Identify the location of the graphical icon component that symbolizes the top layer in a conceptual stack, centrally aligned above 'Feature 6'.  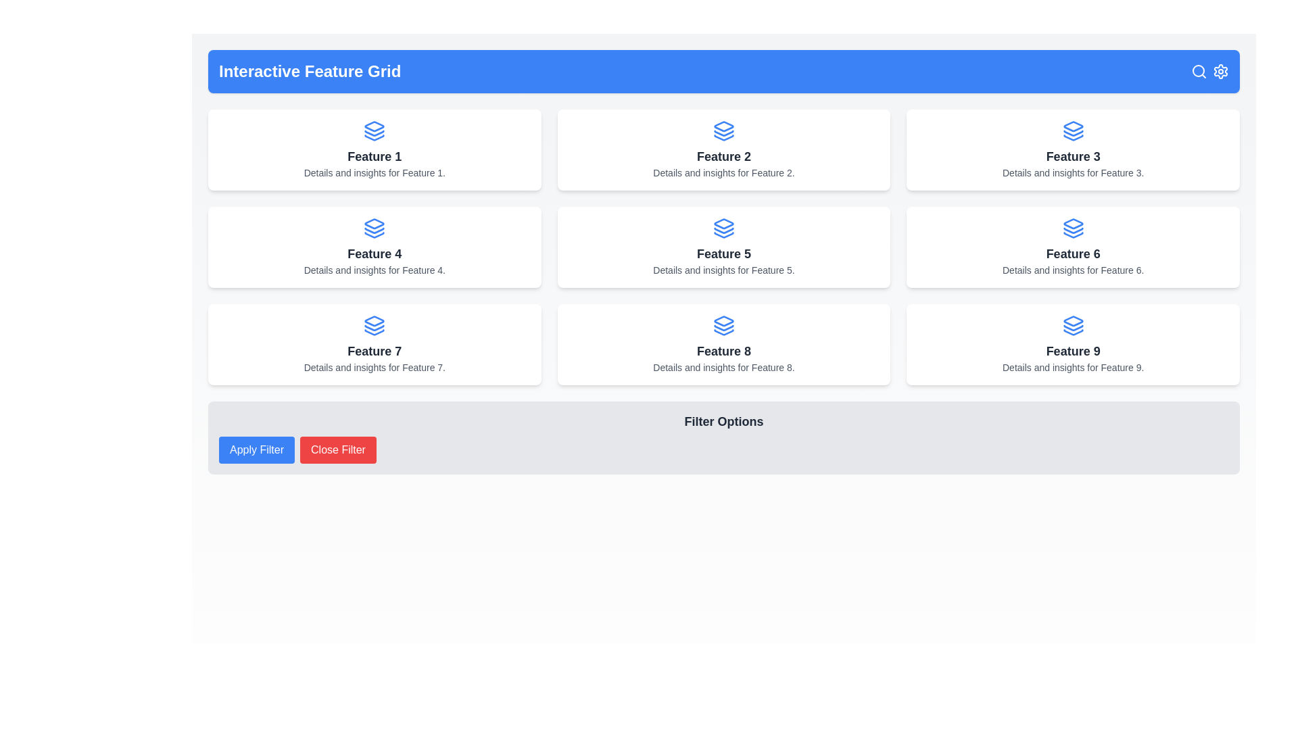
(1072, 223).